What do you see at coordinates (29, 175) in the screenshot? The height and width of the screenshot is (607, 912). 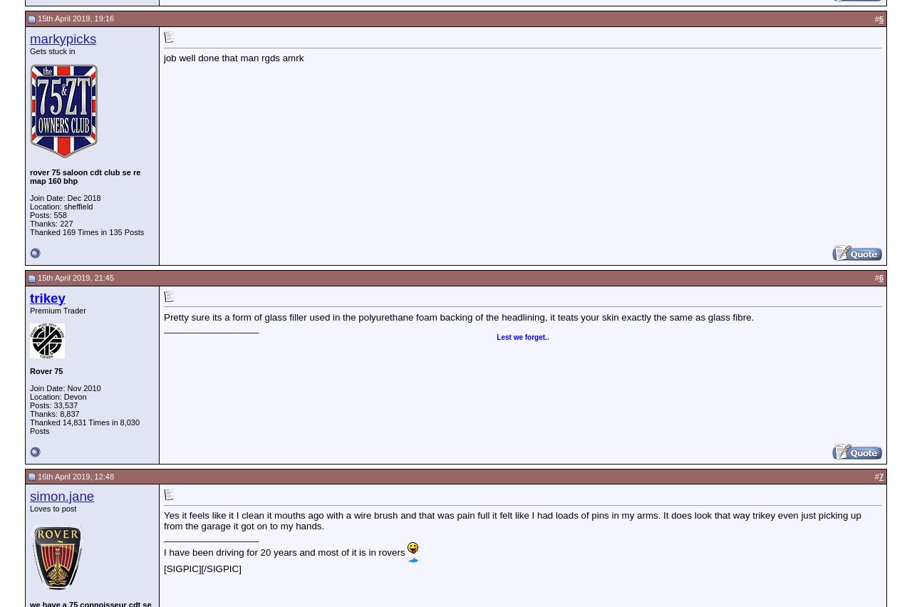 I see `'rover 75 saloon cdt club se re map 160 bhp'` at bounding box center [29, 175].